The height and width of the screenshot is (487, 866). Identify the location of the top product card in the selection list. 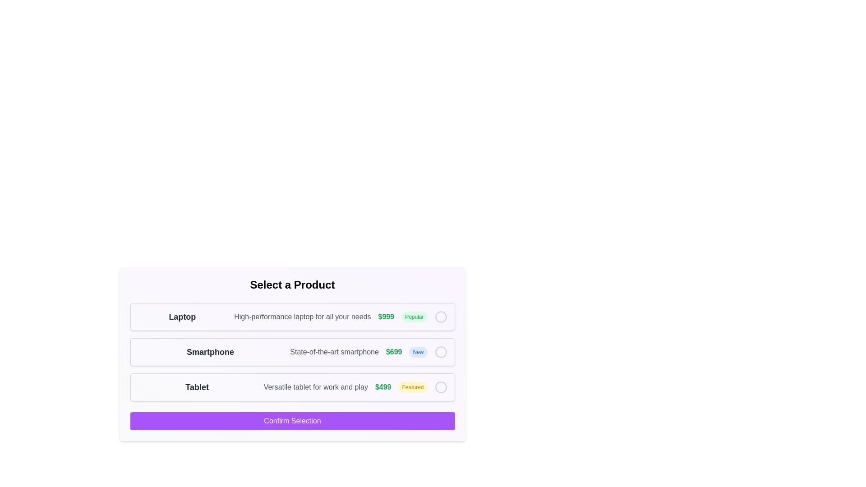
(292, 316).